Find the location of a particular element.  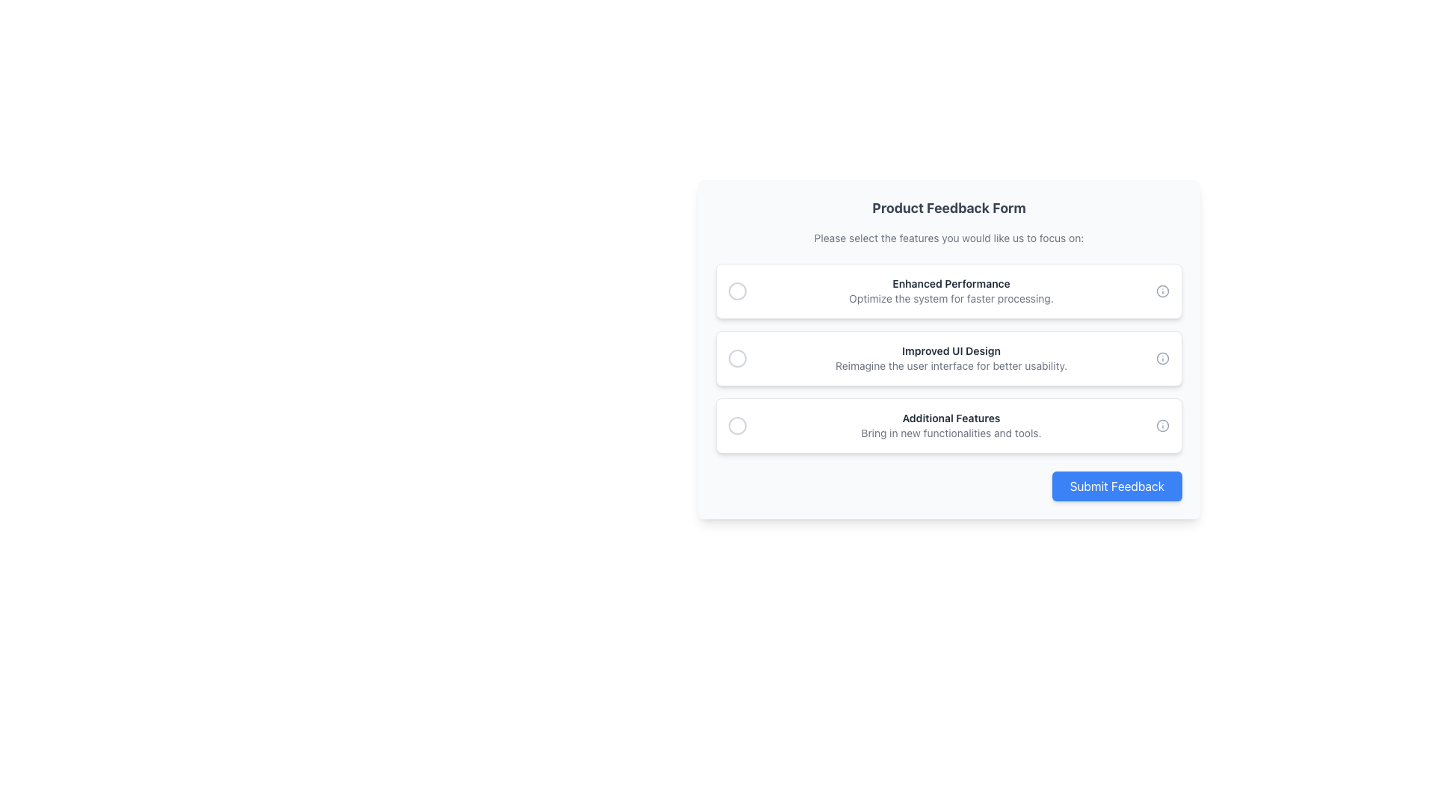

the first interactive radio button is located at coordinates (738, 358).